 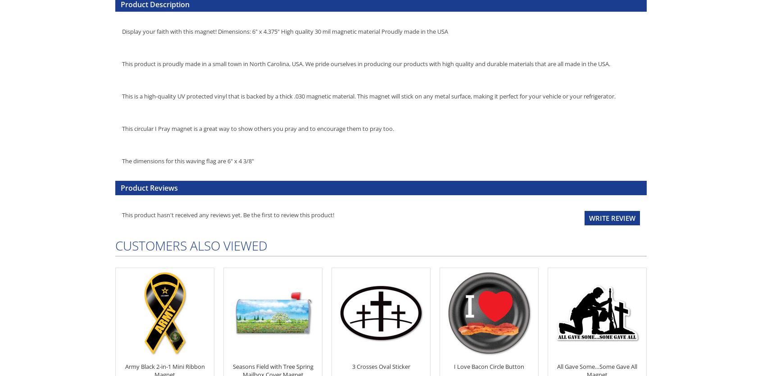 What do you see at coordinates (368, 96) in the screenshot?
I see `'This is a high-quality UV protected vinyl that is backed by a thick .030 magnetic material. This magnet will stick on any metal surface, making it perfect for your vehicle or your refrigerator.'` at bounding box center [368, 96].